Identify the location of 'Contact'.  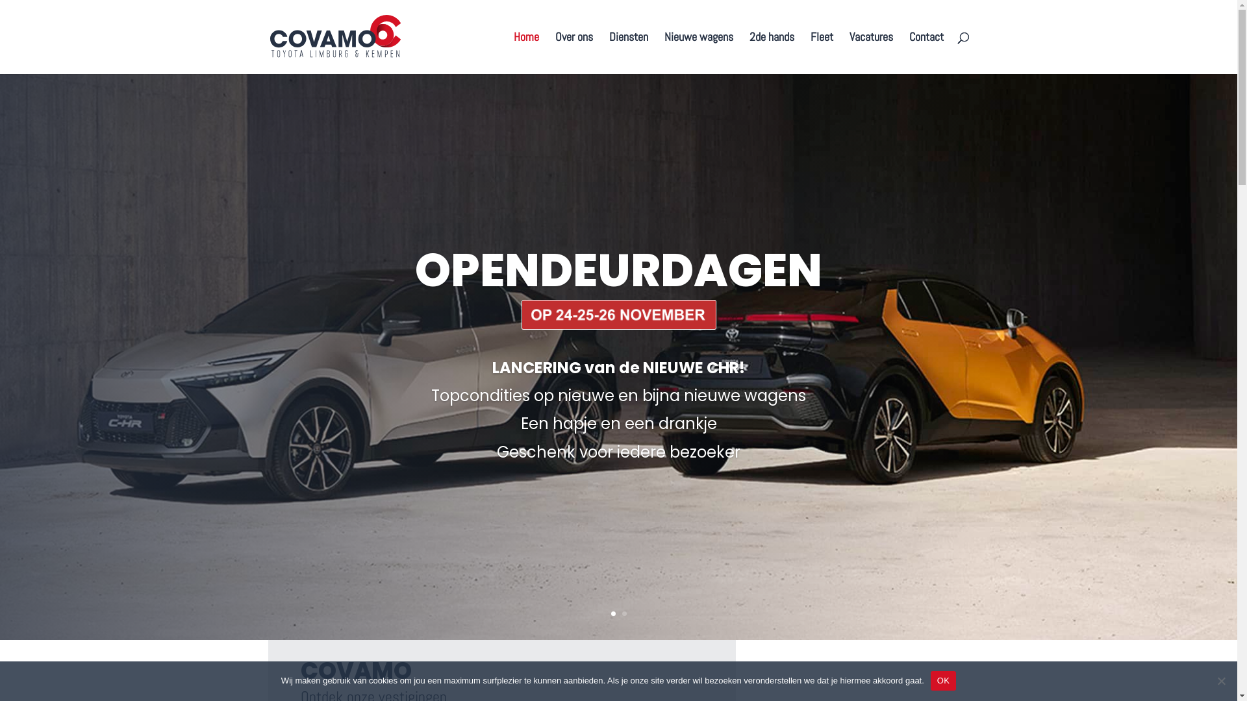
(926, 52).